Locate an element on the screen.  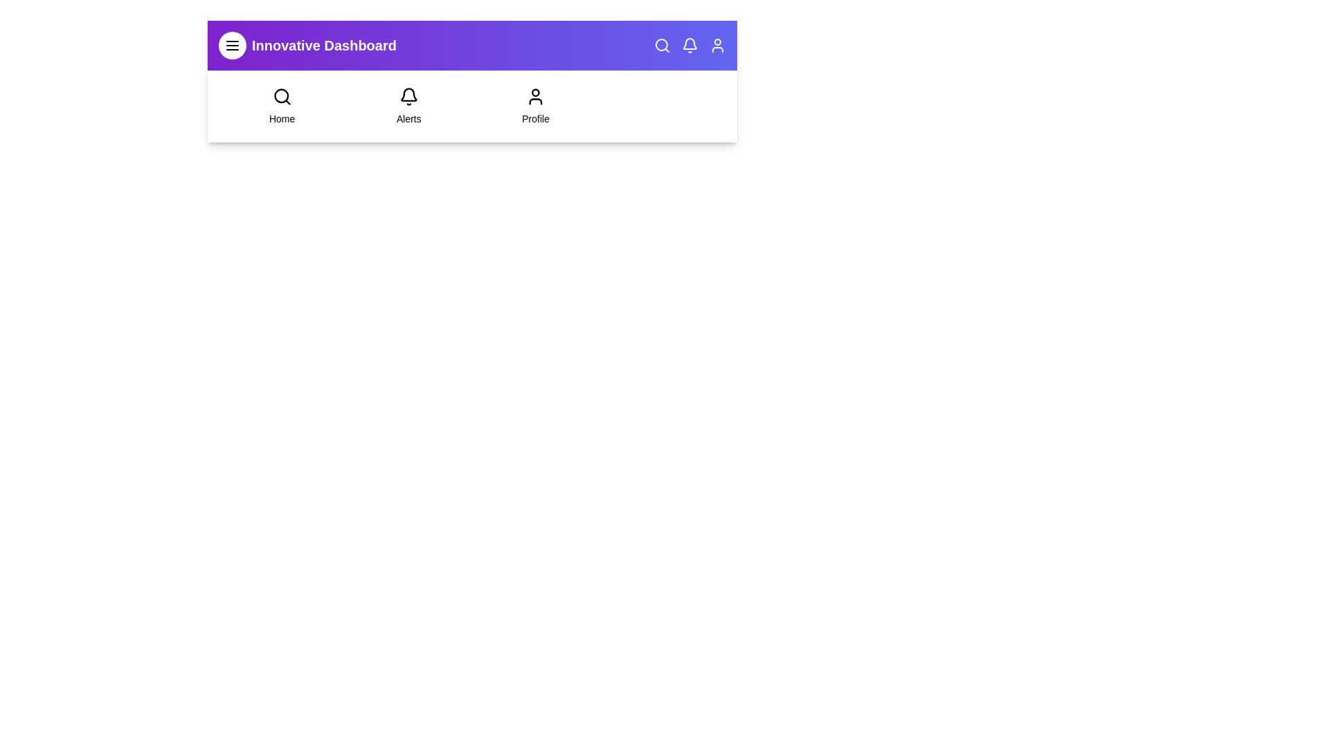
the Bell icon in the InnovativeAppBar is located at coordinates (690, 44).